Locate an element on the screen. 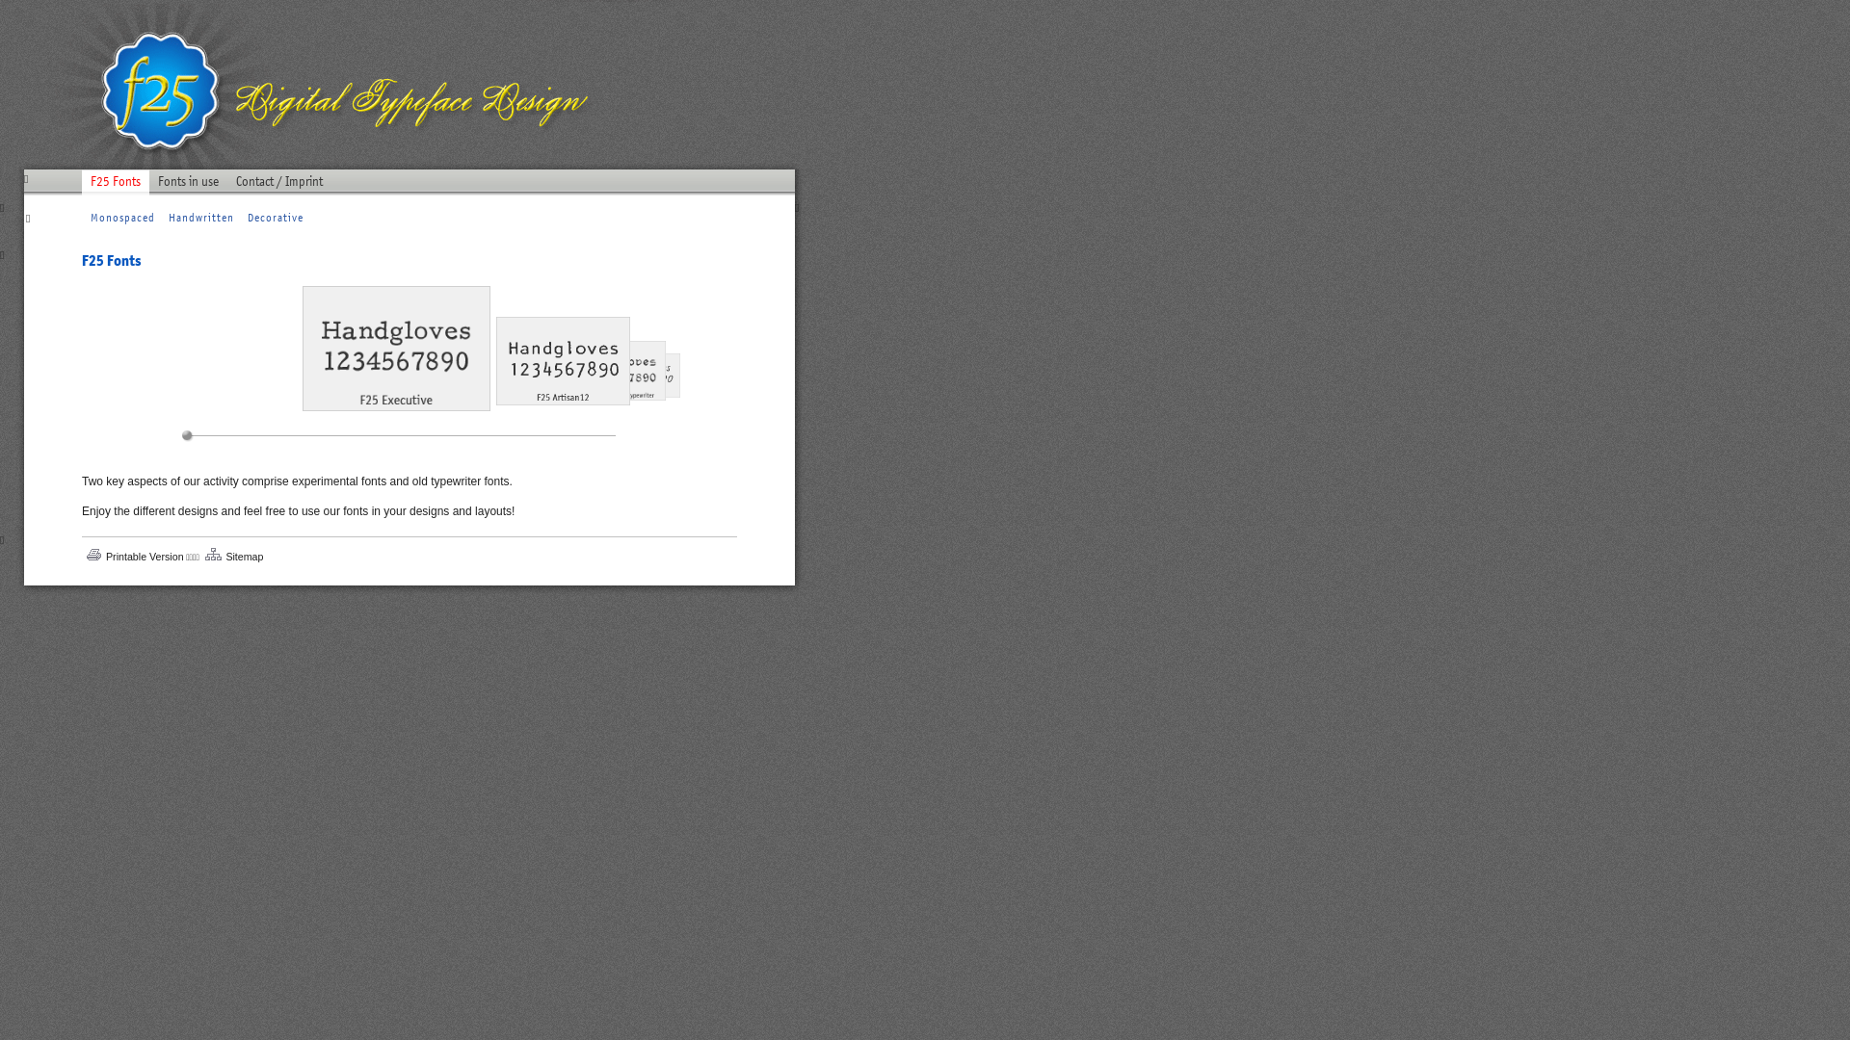  'Decorative' is located at coordinates (275, 217).